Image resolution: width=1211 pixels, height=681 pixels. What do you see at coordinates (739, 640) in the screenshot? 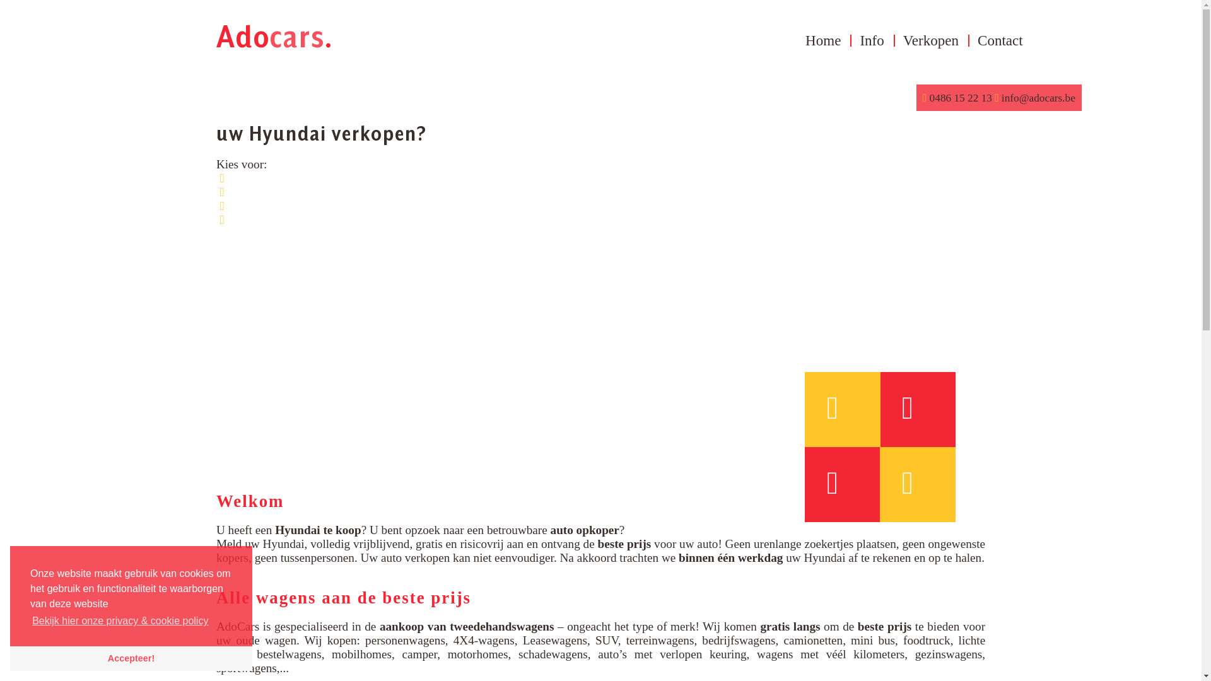
I see `'bedrijfswagens'` at bounding box center [739, 640].